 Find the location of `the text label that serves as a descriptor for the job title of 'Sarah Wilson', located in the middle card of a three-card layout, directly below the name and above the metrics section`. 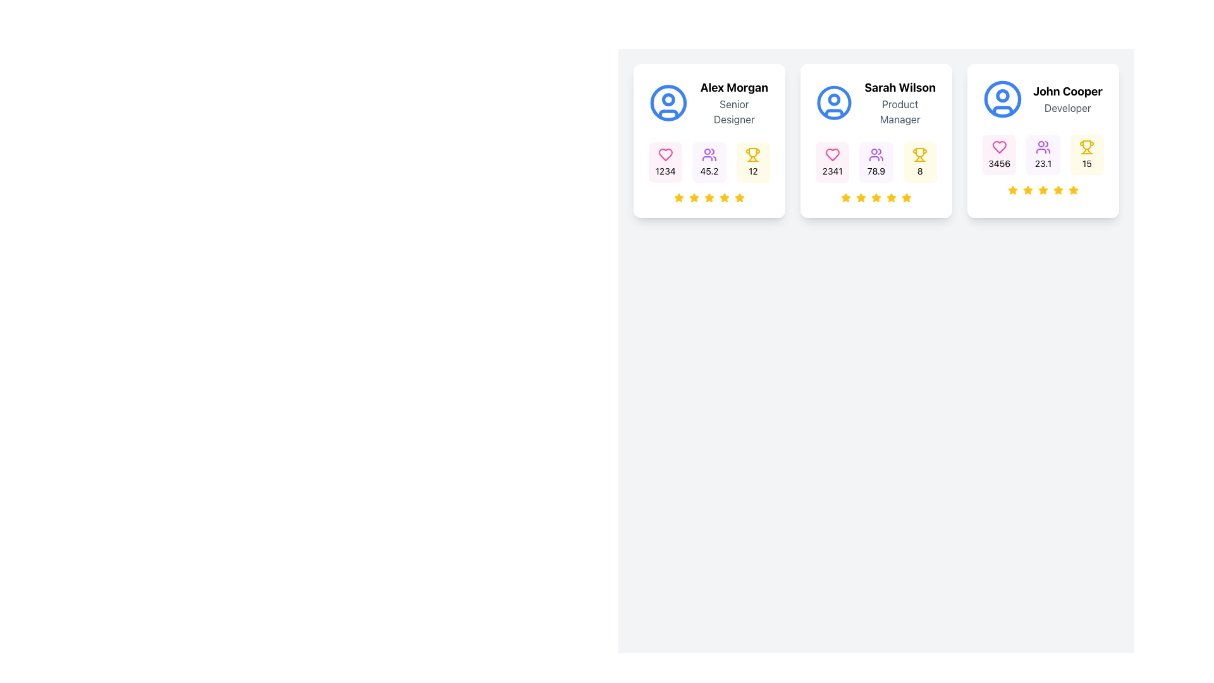

the text label that serves as a descriptor for the job title of 'Sarah Wilson', located in the middle card of a three-card layout, directly below the name and above the metrics section is located at coordinates (899, 111).